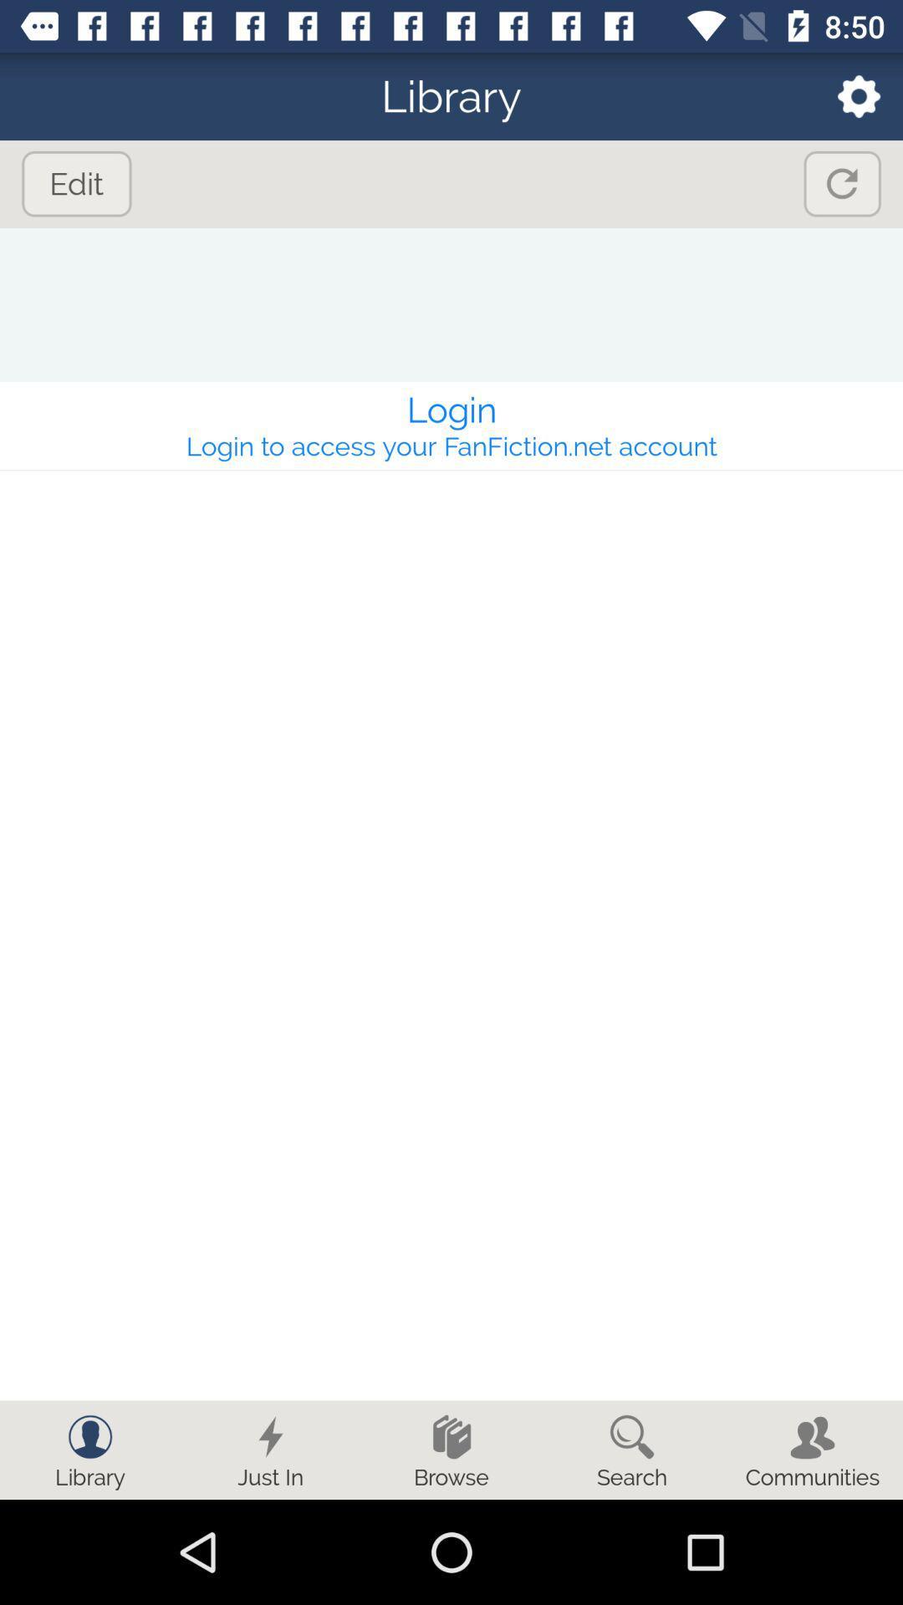 This screenshot has width=903, height=1605. What do you see at coordinates (848, 95) in the screenshot?
I see `icon to the right of library icon` at bounding box center [848, 95].